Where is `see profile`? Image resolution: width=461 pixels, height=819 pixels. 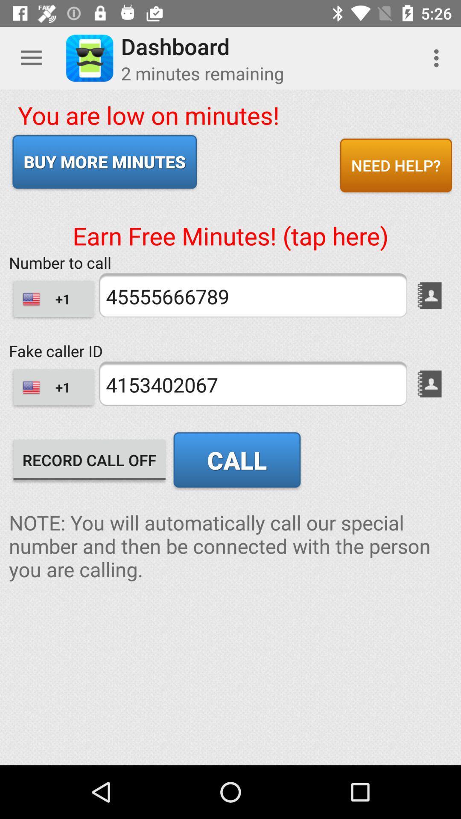
see profile is located at coordinates (429, 383).